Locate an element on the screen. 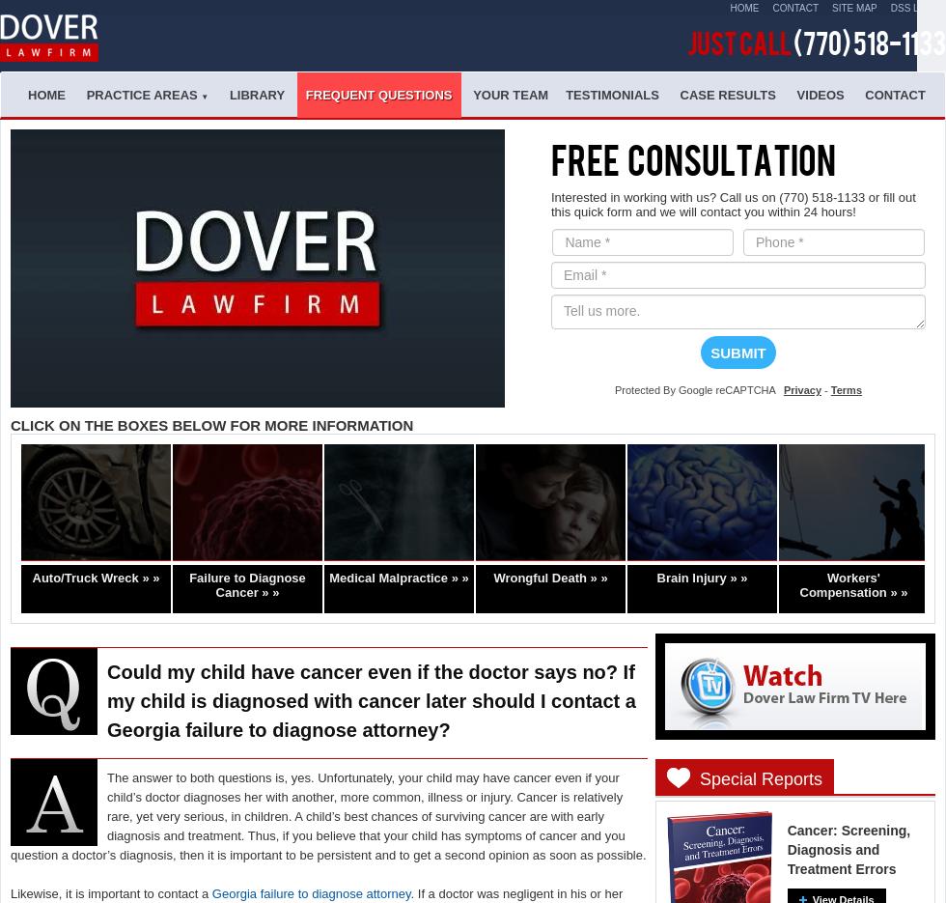 Image resolution: width=946 pixels, height=903 pixels. 'Videos' is located at coordinates (820, 94).